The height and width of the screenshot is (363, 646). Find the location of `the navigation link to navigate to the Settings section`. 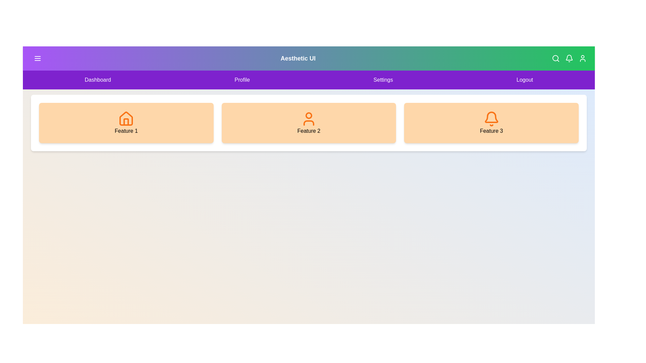

the navigation link to navigate to the Settings section is located at coordinates (383, 80).